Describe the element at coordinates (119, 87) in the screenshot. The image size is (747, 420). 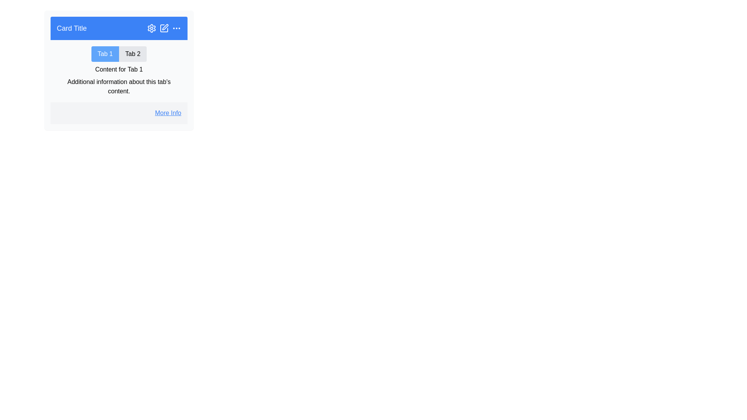
I see `the text label displaying 'Additional information about this tab's content'` at that location.